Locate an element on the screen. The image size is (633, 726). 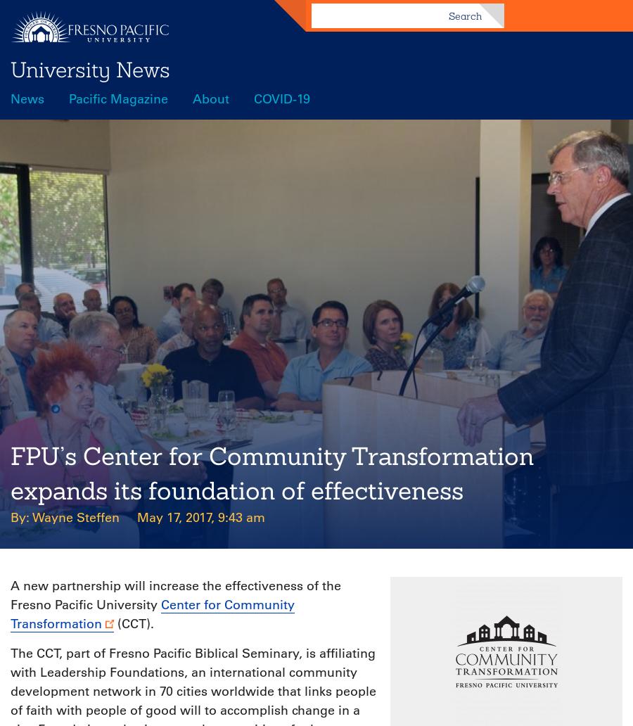
'May 17, 2017, 9:43 am' is located at coordinates (200, 517).